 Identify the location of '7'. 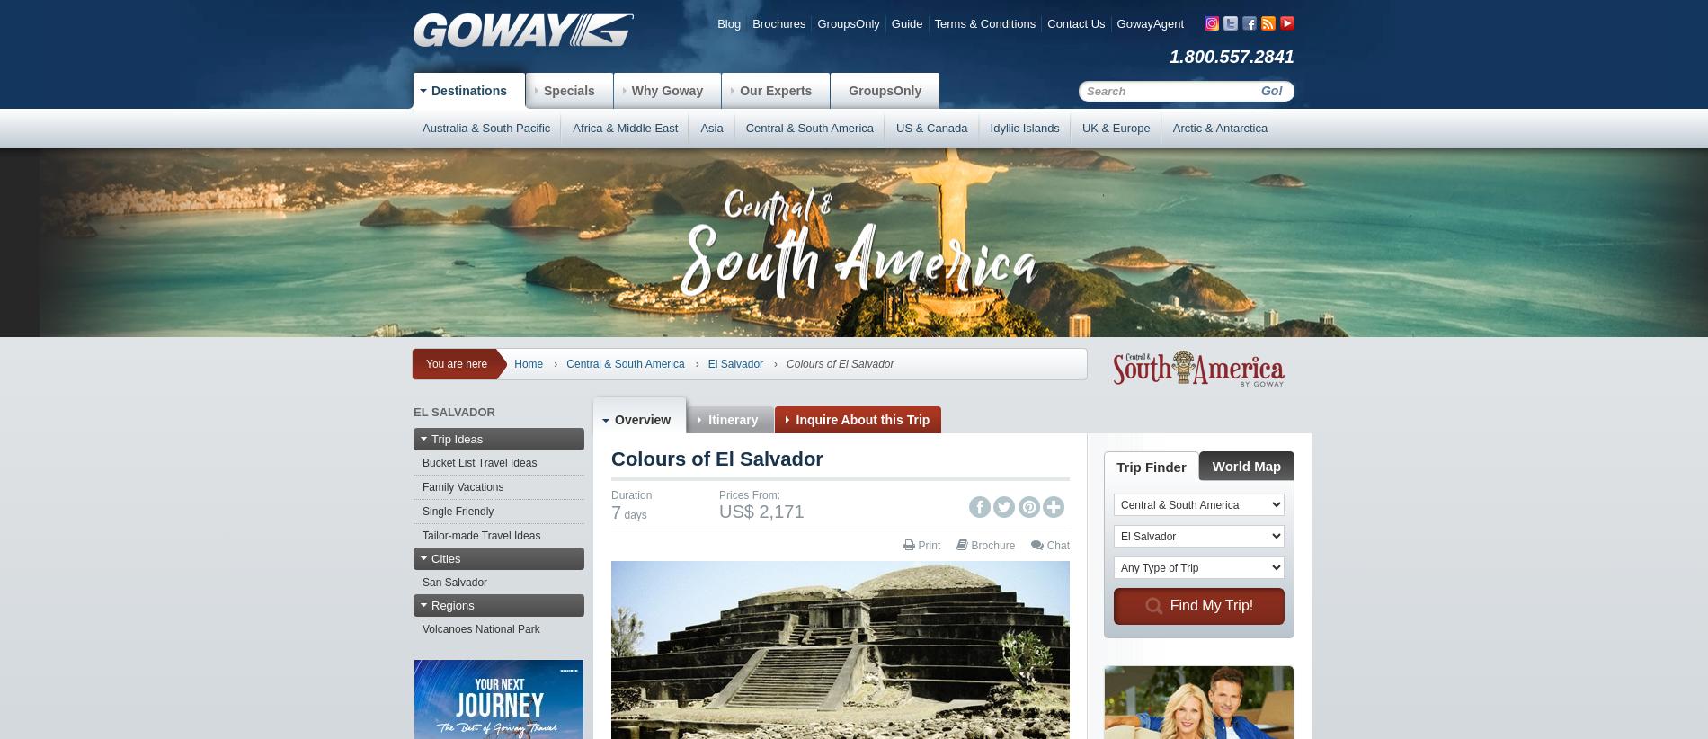
(616, 512).